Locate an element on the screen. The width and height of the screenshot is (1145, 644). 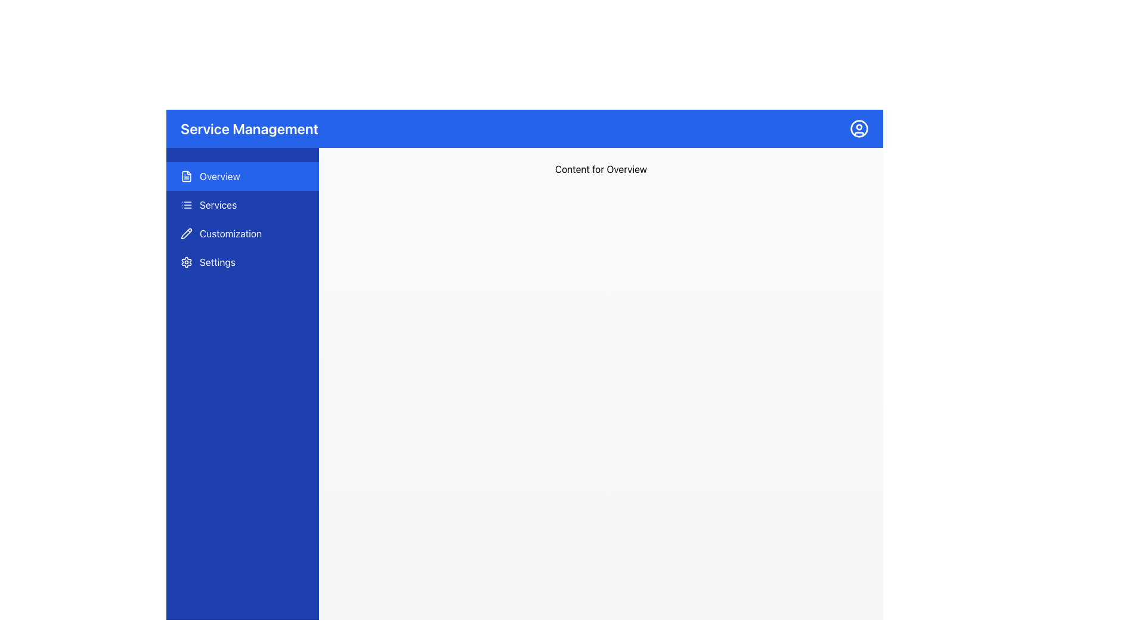
the customization icon located in the navigation bar, specifically the third item in the list, representing editing functionality is located at coordinates (185, 233).